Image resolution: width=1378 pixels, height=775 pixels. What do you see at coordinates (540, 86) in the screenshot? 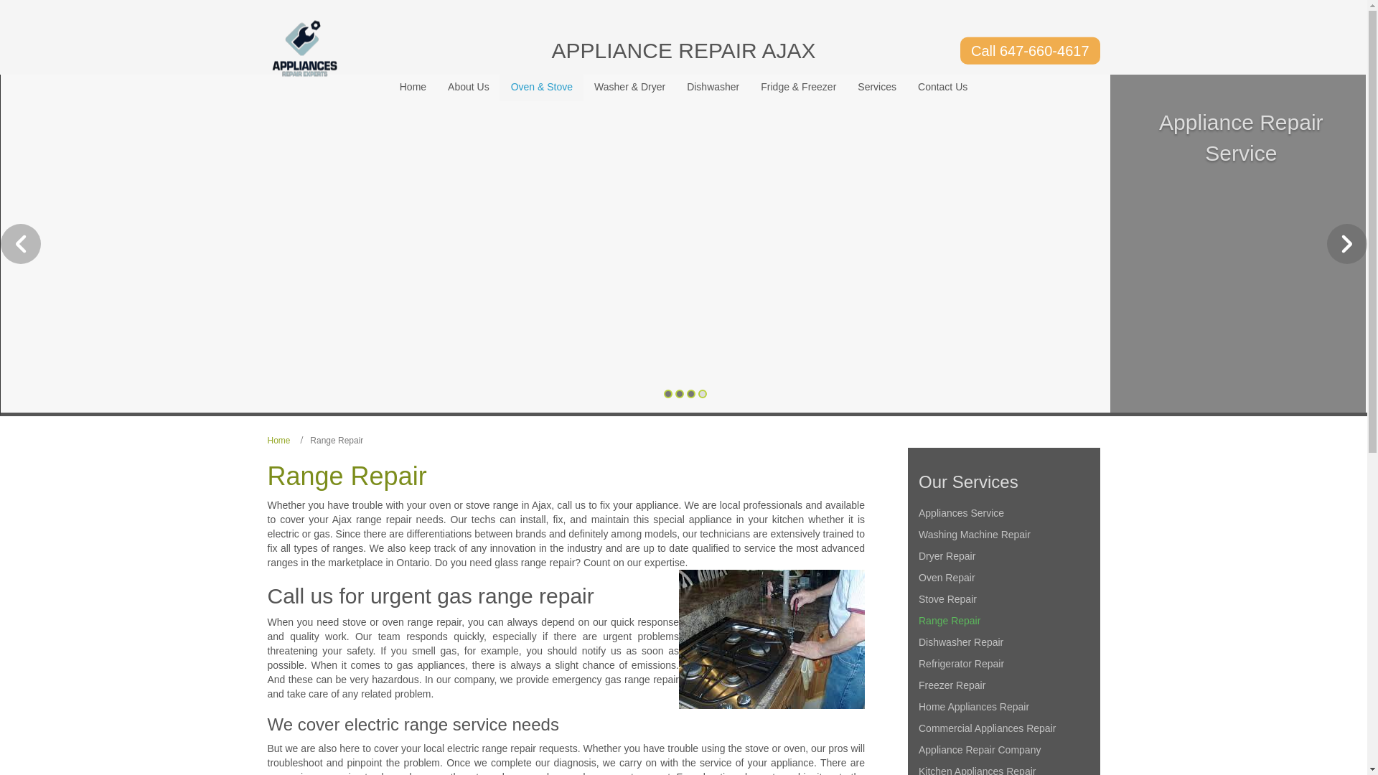
I see `'Oven & Stove'` at bounding box center [540, 86].